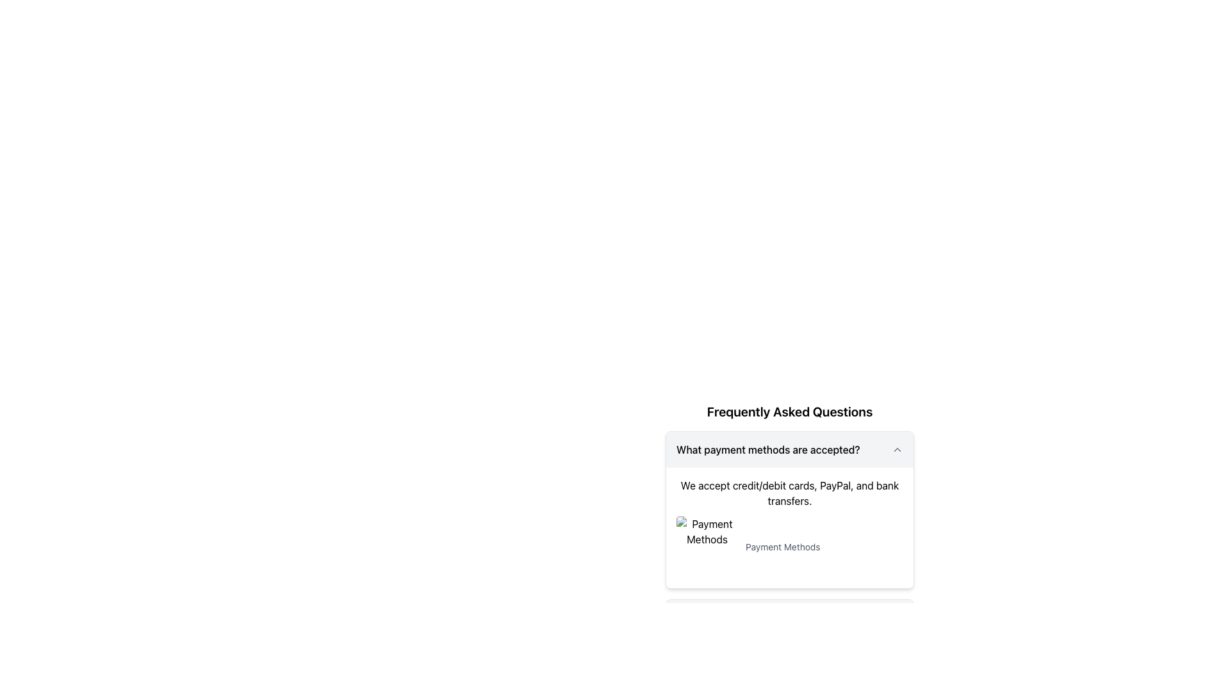  I want to click on the 'Payment Methods' text label, which is displayed in a small gray font and positioned to the right of an image in the second row of the FAQ section, so click(782, 547).